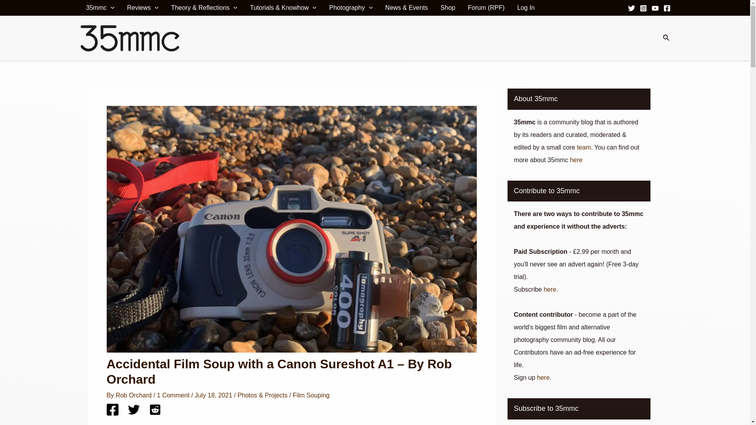 This screenshot has width=756, height=425. What do you see at coordinates (378, 7) in the screenshot?
I see `'News & Events'` at bounding box center [378, 7].